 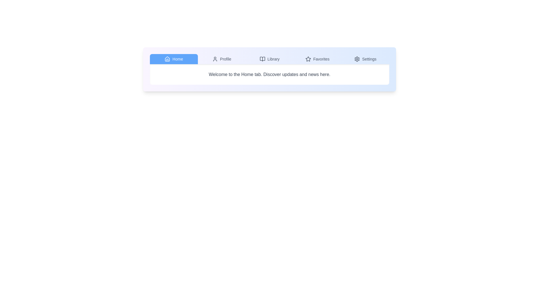 What do you see at coordinates (357, 59) in the screenshot?
I see `the gear-shaped icon in the top navigation bar, which is adjacent to the 'Settings' label, indicating its association with settings functionality` at bounding box center [357, 59].